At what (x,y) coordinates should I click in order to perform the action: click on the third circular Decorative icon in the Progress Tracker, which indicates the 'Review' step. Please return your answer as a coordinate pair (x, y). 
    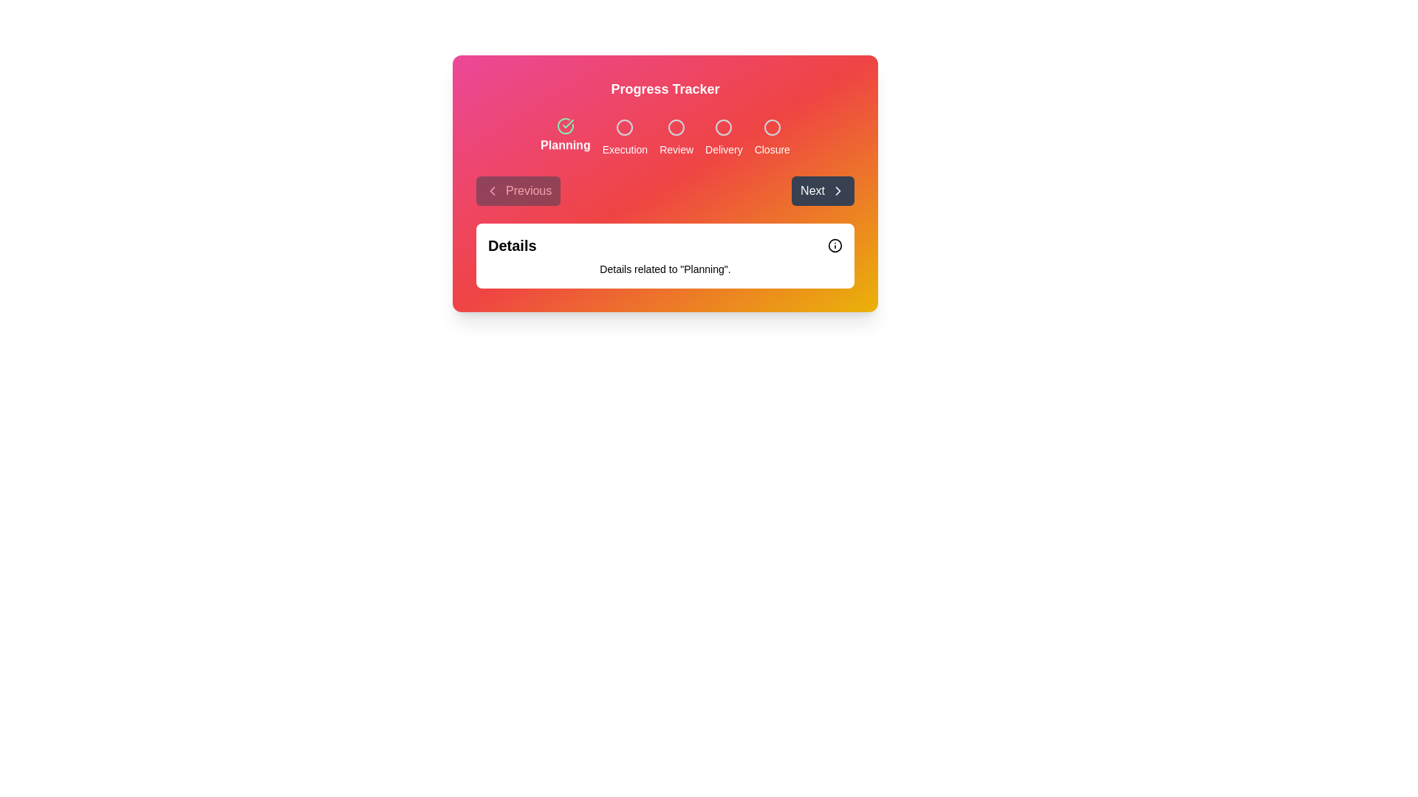
    Looking at the image, I should click on (676, 127).